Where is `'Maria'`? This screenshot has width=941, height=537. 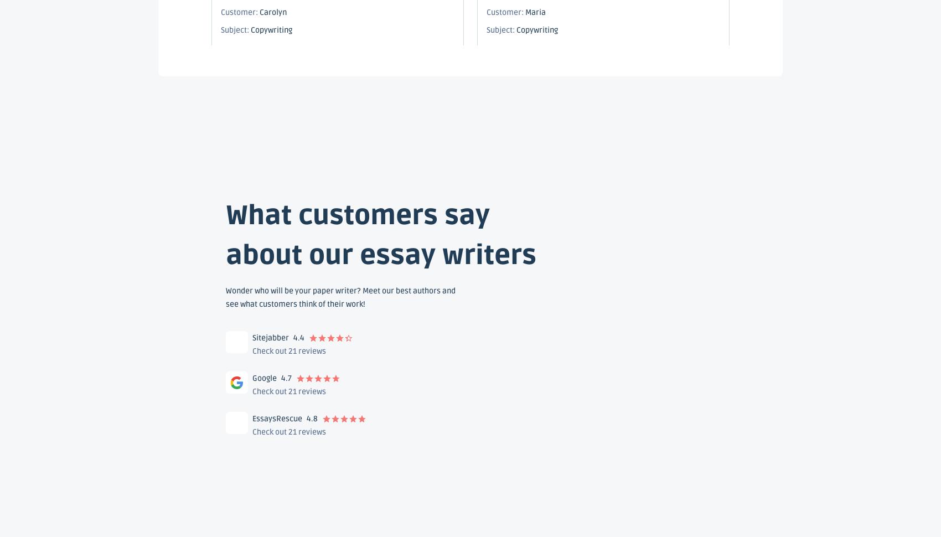 'Maria' is located at coordinates (535, 12).